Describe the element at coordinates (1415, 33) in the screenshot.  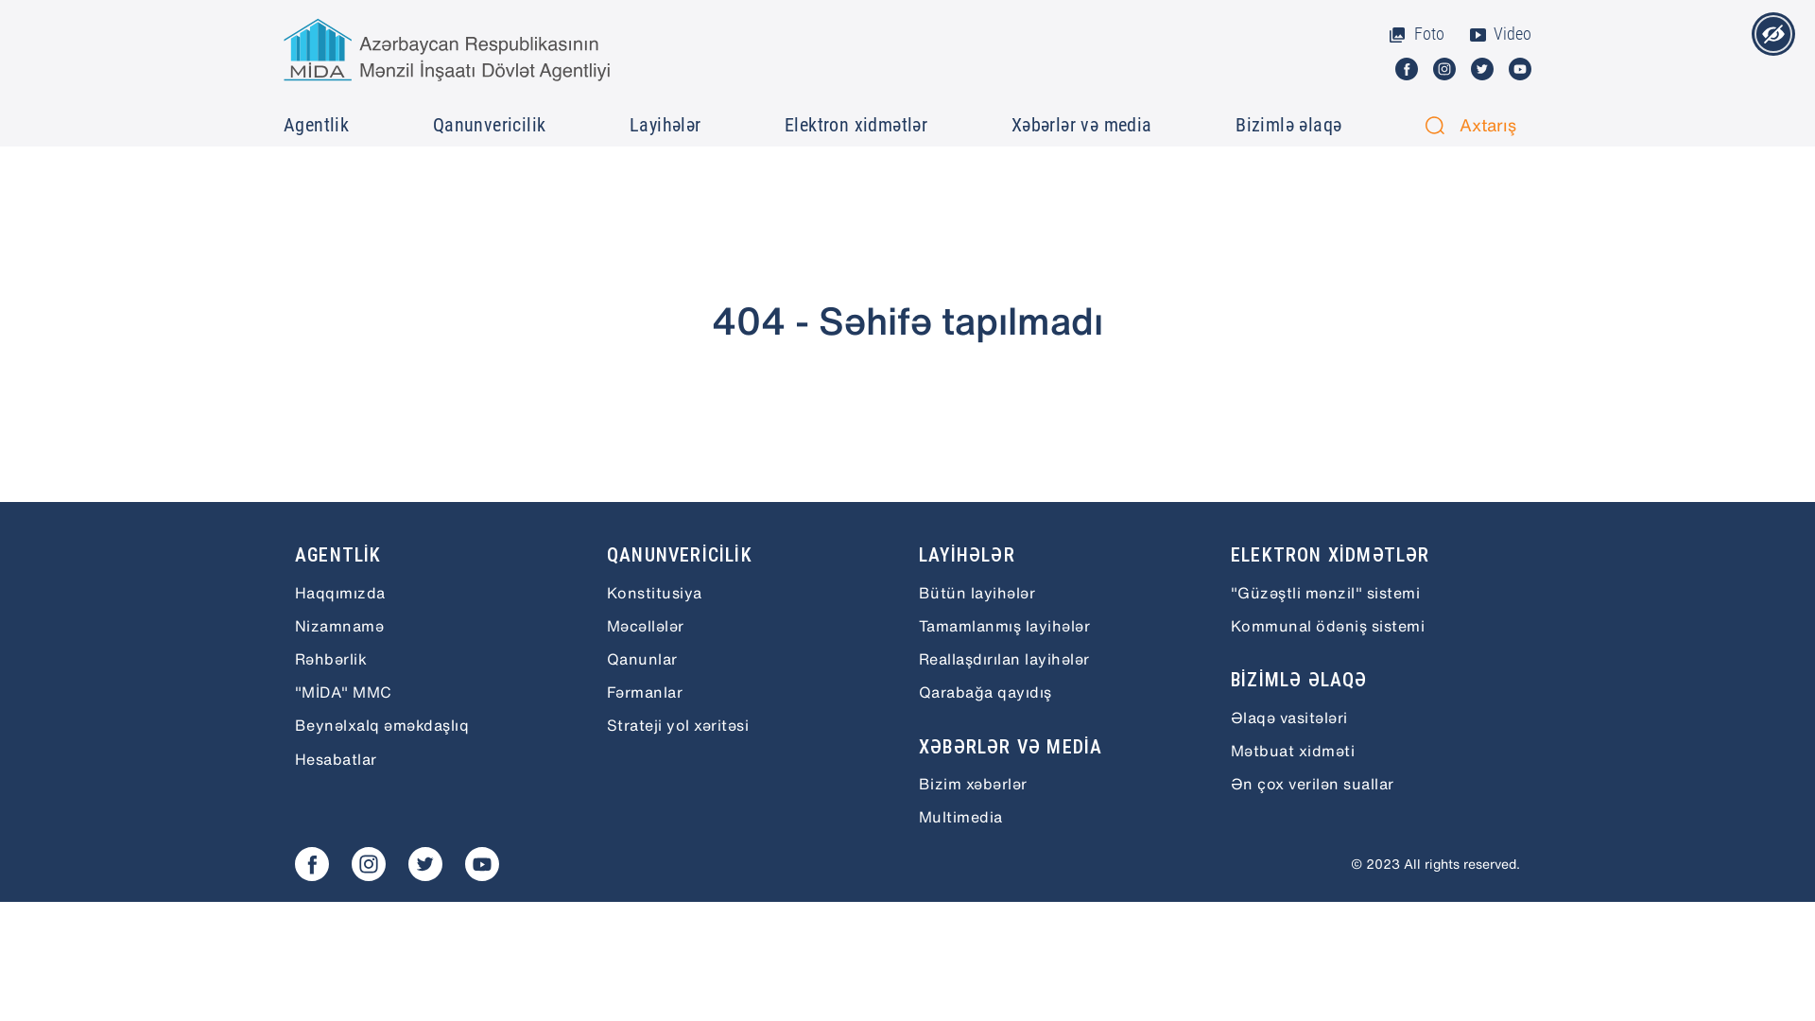
I see `'Foto'` at that location.